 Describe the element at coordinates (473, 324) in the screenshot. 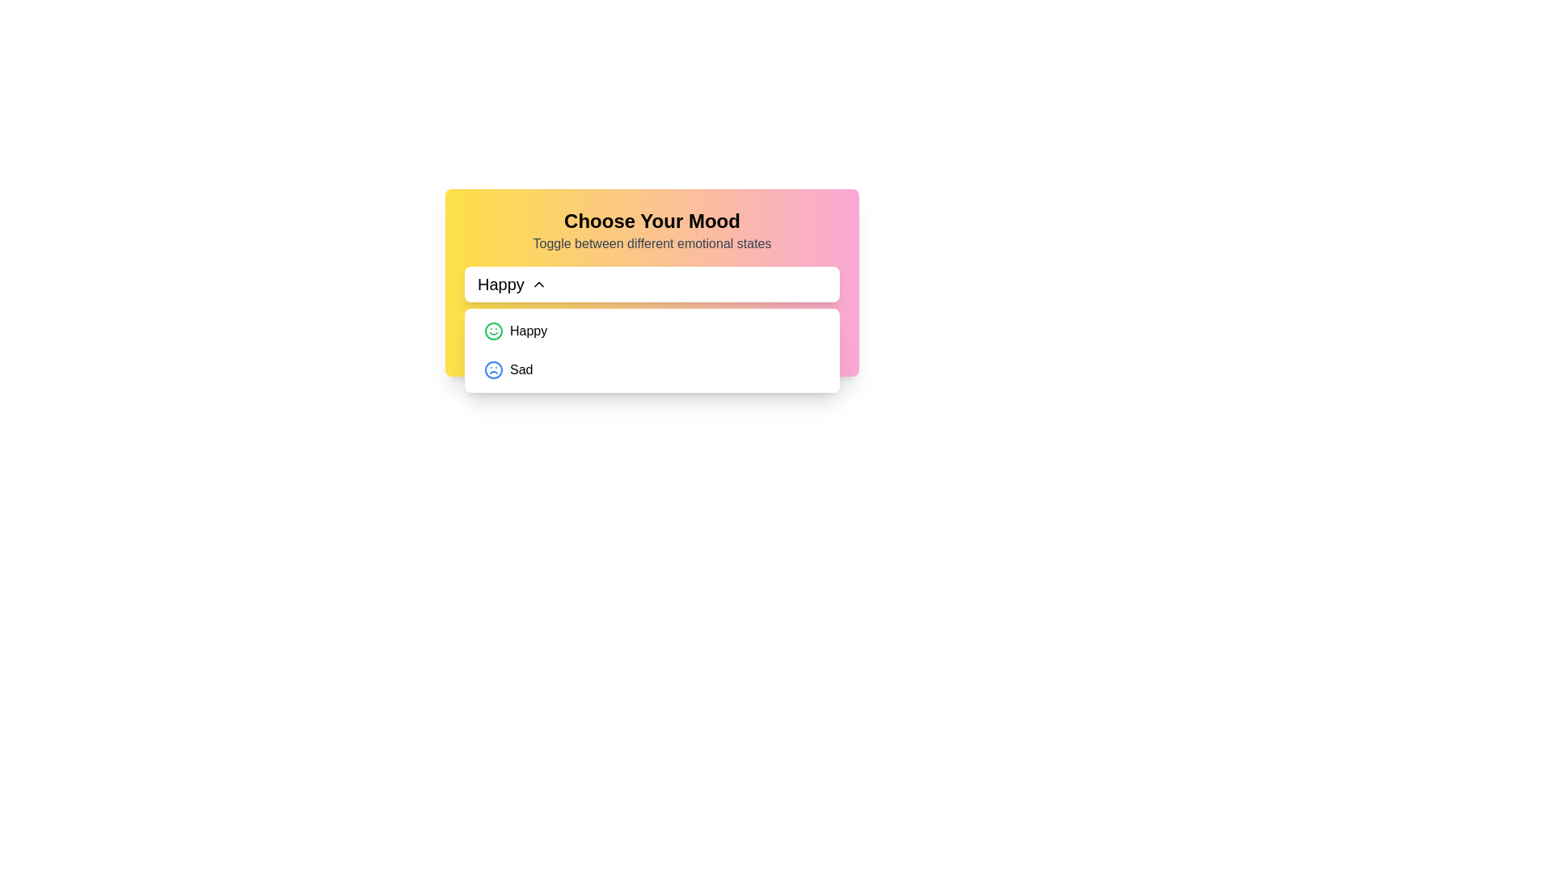

I see `circular shape graphic that forms the outer boundary of the smiley face icon within the dropdown menu, which visually indicates the 'Happy' mood option` at that location.